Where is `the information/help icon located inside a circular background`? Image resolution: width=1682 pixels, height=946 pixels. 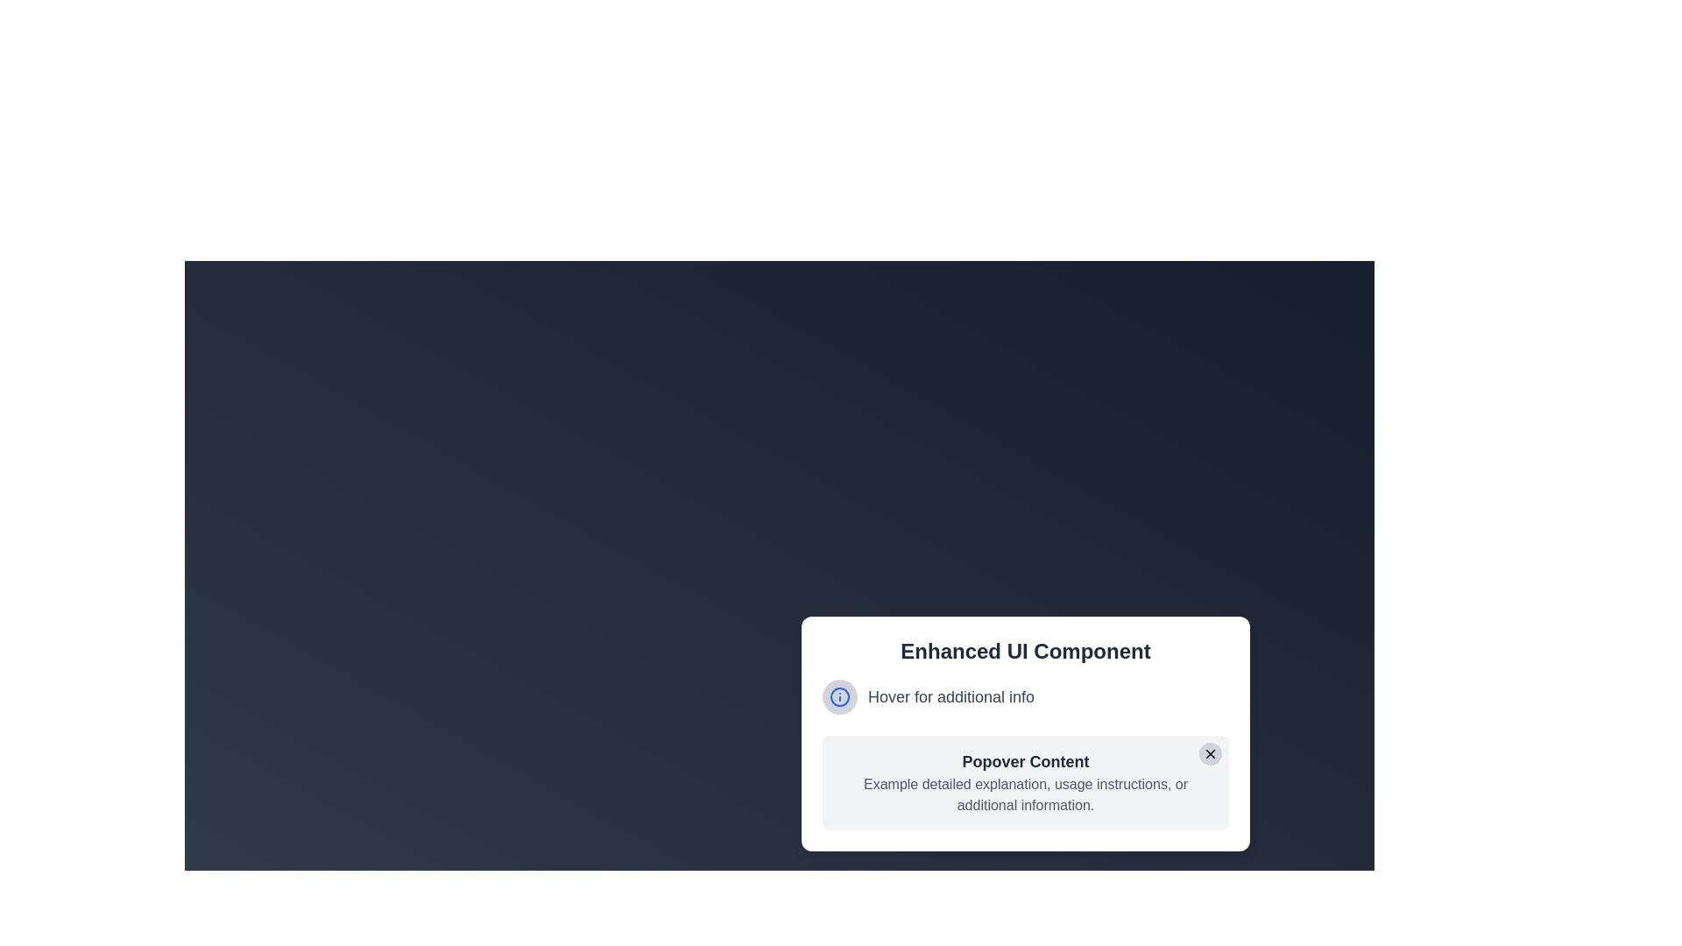
the information/help icon located inside a circular background is located at coordinates (839, 695).